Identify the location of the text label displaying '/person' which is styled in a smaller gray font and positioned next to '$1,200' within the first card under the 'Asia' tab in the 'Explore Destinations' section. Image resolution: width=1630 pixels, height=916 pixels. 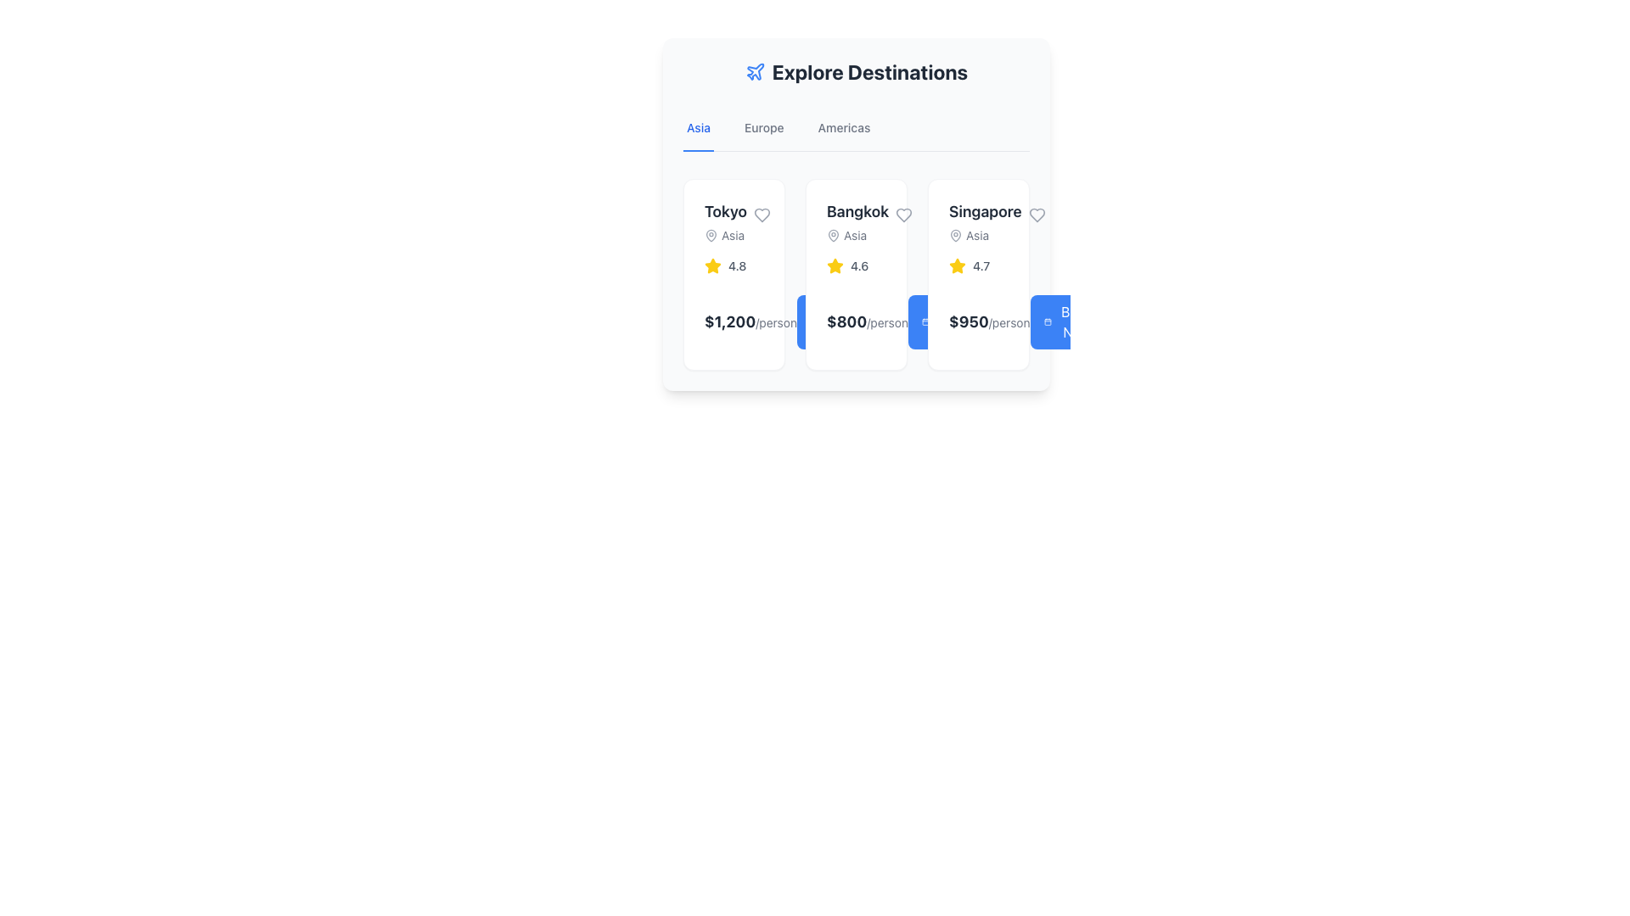
(775, 322).